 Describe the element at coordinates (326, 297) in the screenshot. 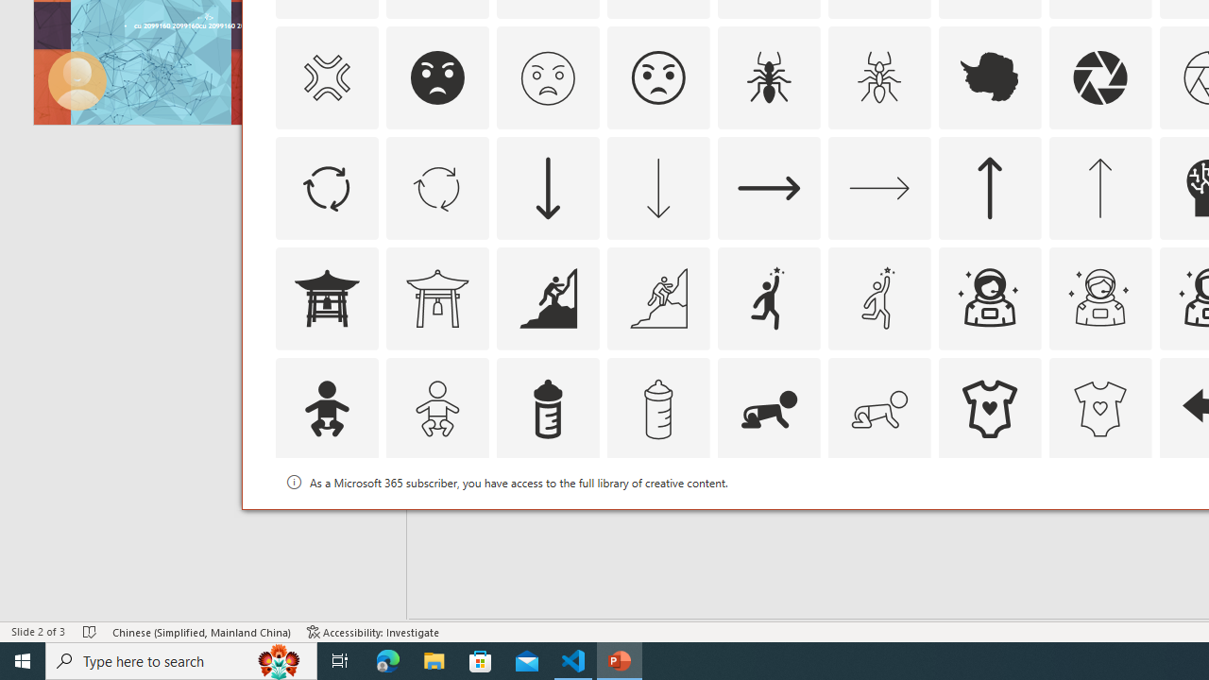

I see `'AutomationID: Icons_AsianTemple1'` at that location.